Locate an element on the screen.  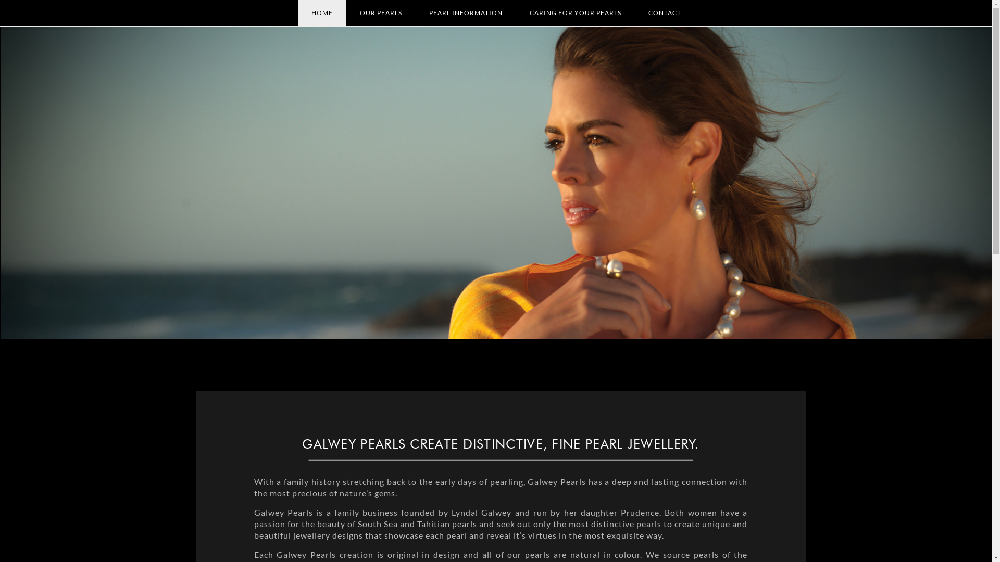
'CARING FOR YOUR PEARLS' is located at coordinates (574, 12).